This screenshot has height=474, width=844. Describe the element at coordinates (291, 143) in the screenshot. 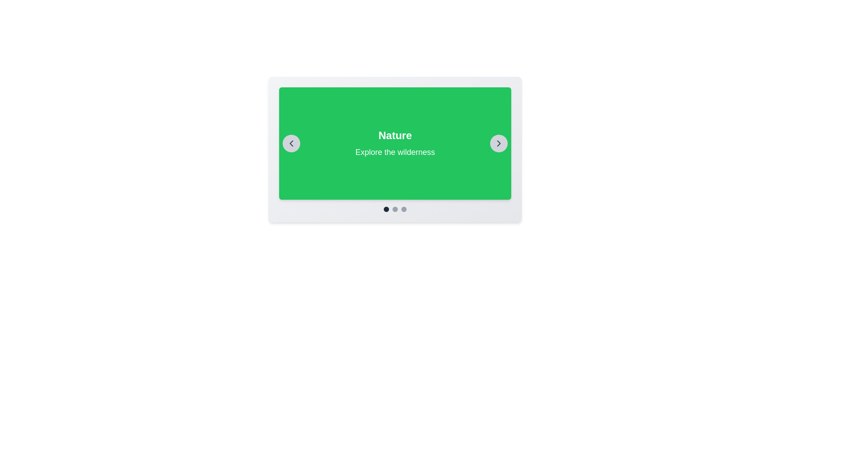

I see `the left-pointing chevron icon enclosed in a circular button` at that location.